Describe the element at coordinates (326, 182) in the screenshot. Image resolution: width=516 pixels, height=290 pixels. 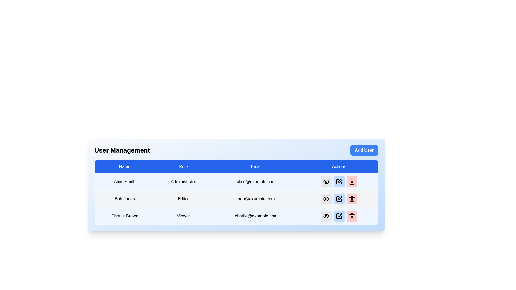
I see `the view button icon for the first user, Alice Smith, in the Actions column of the user management table` at that location.